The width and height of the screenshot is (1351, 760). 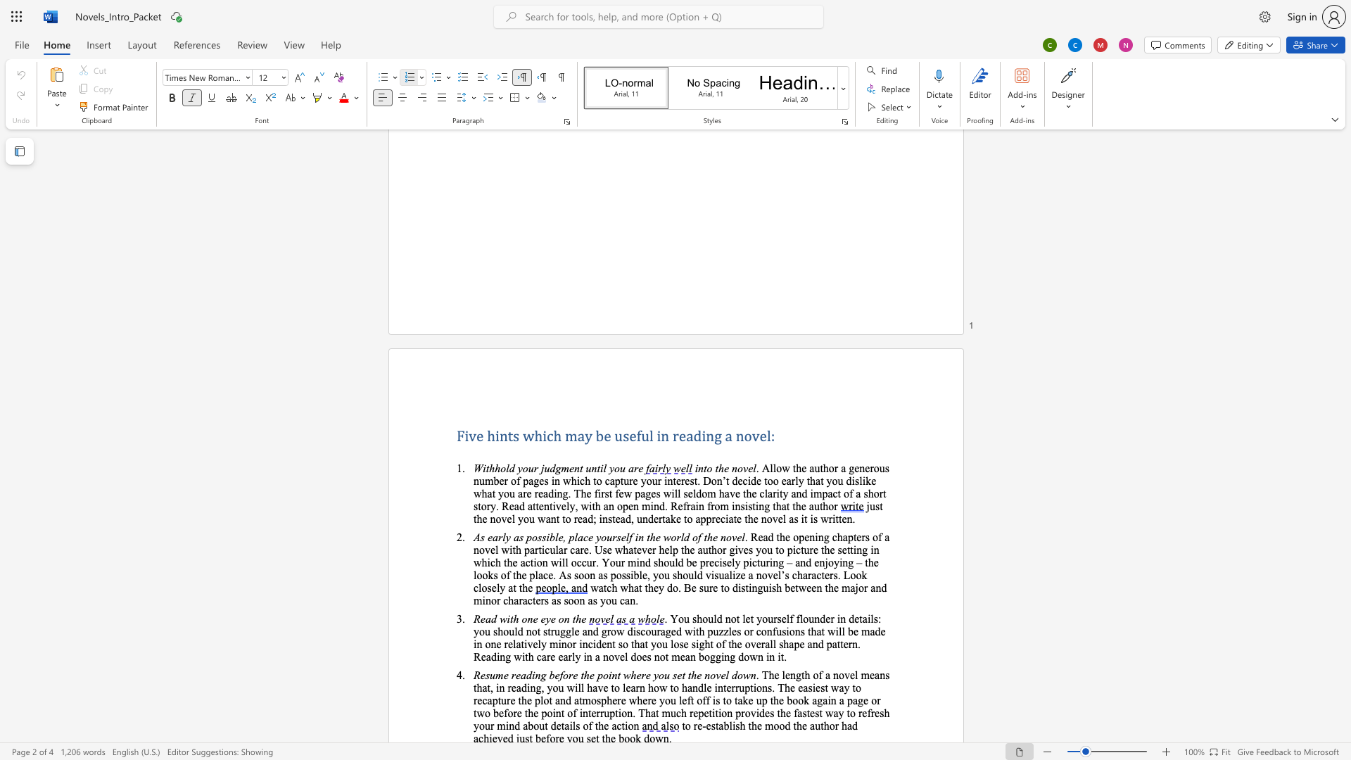 What do you see at coordinates (547, 537) in the screenshot?
I see `the 1th character "i" in the text` at bounding box center [547, 537].